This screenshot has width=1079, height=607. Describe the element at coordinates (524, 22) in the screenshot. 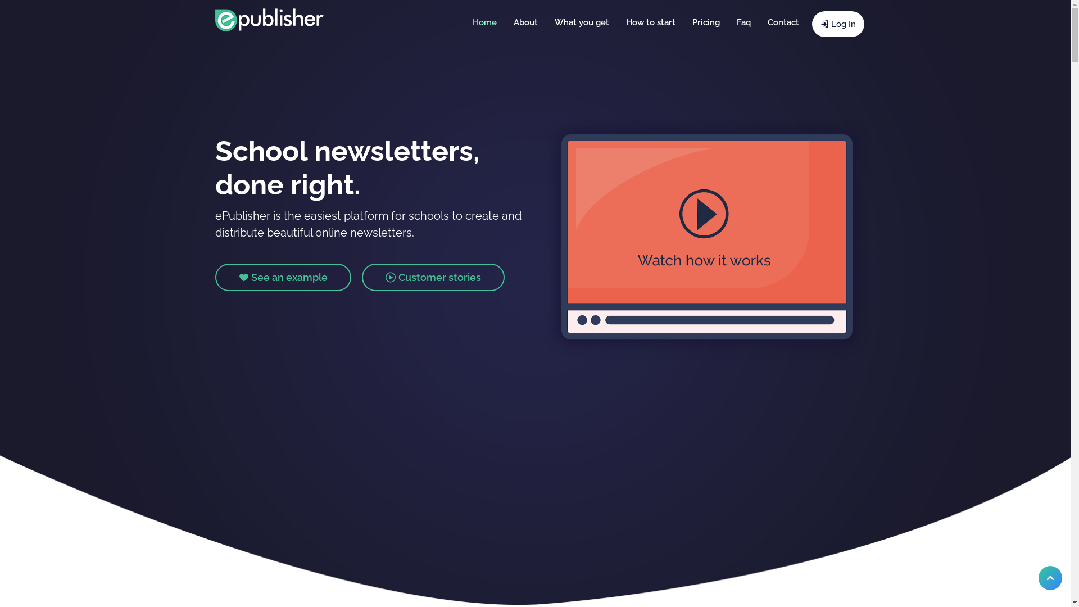

I see `'About'` at that location.